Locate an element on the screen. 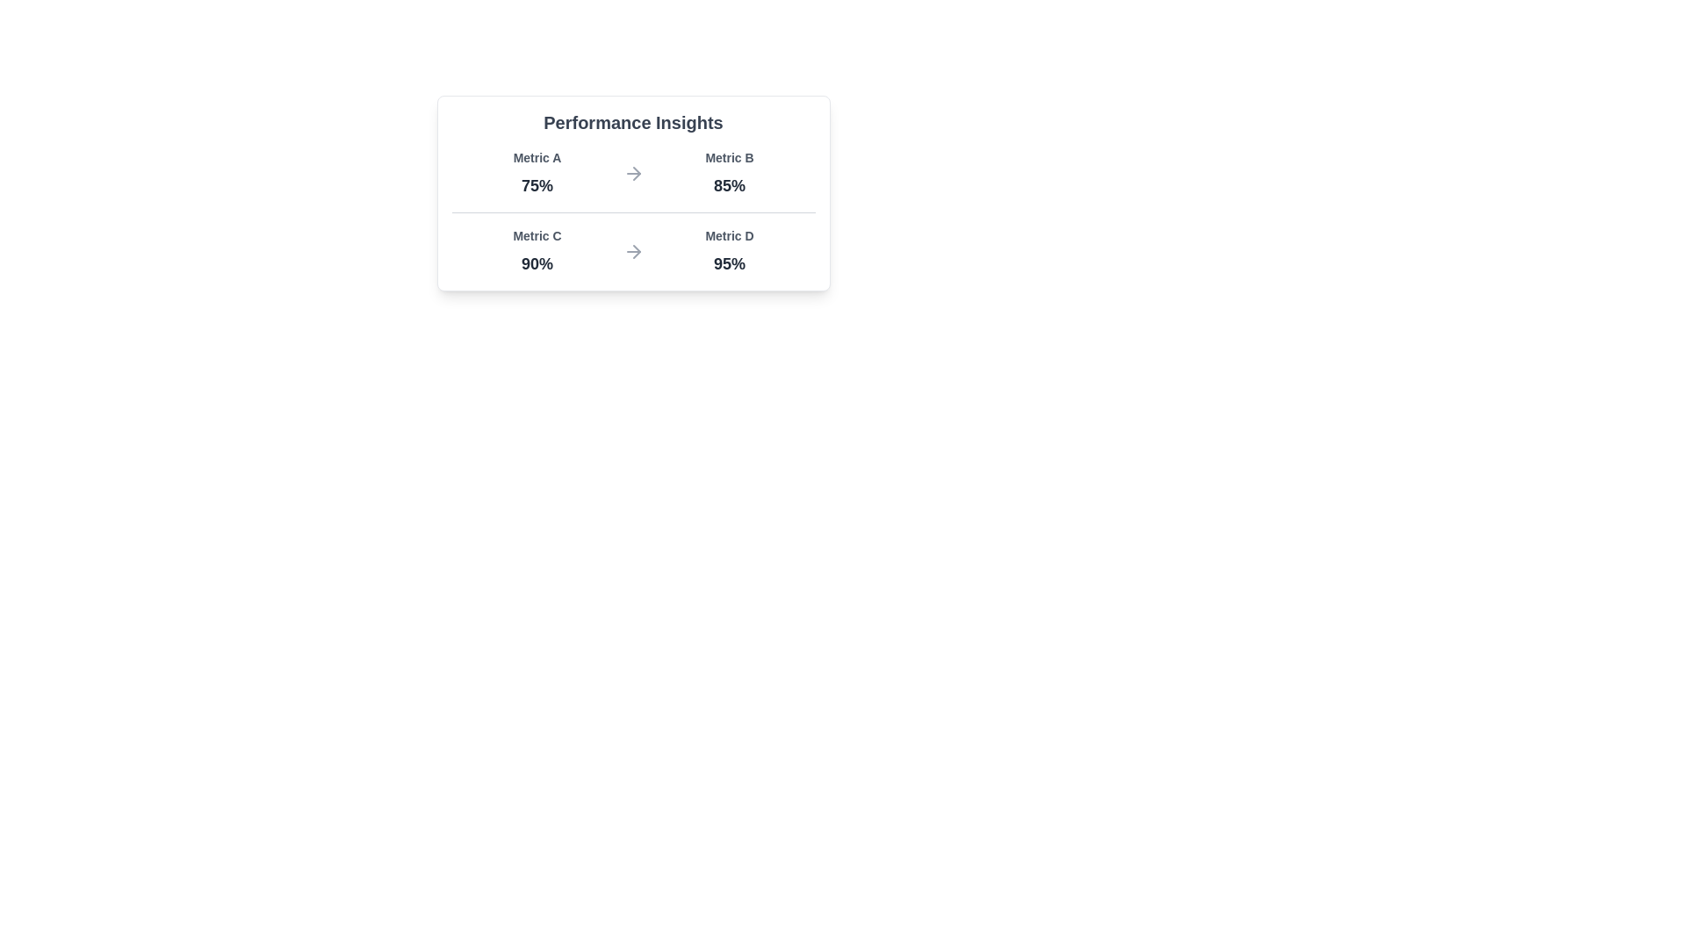  the Data Display element that shows 'Metric A' and '75%' in a comparison grid located in the upper left corner is located at coordinates (536, 173).